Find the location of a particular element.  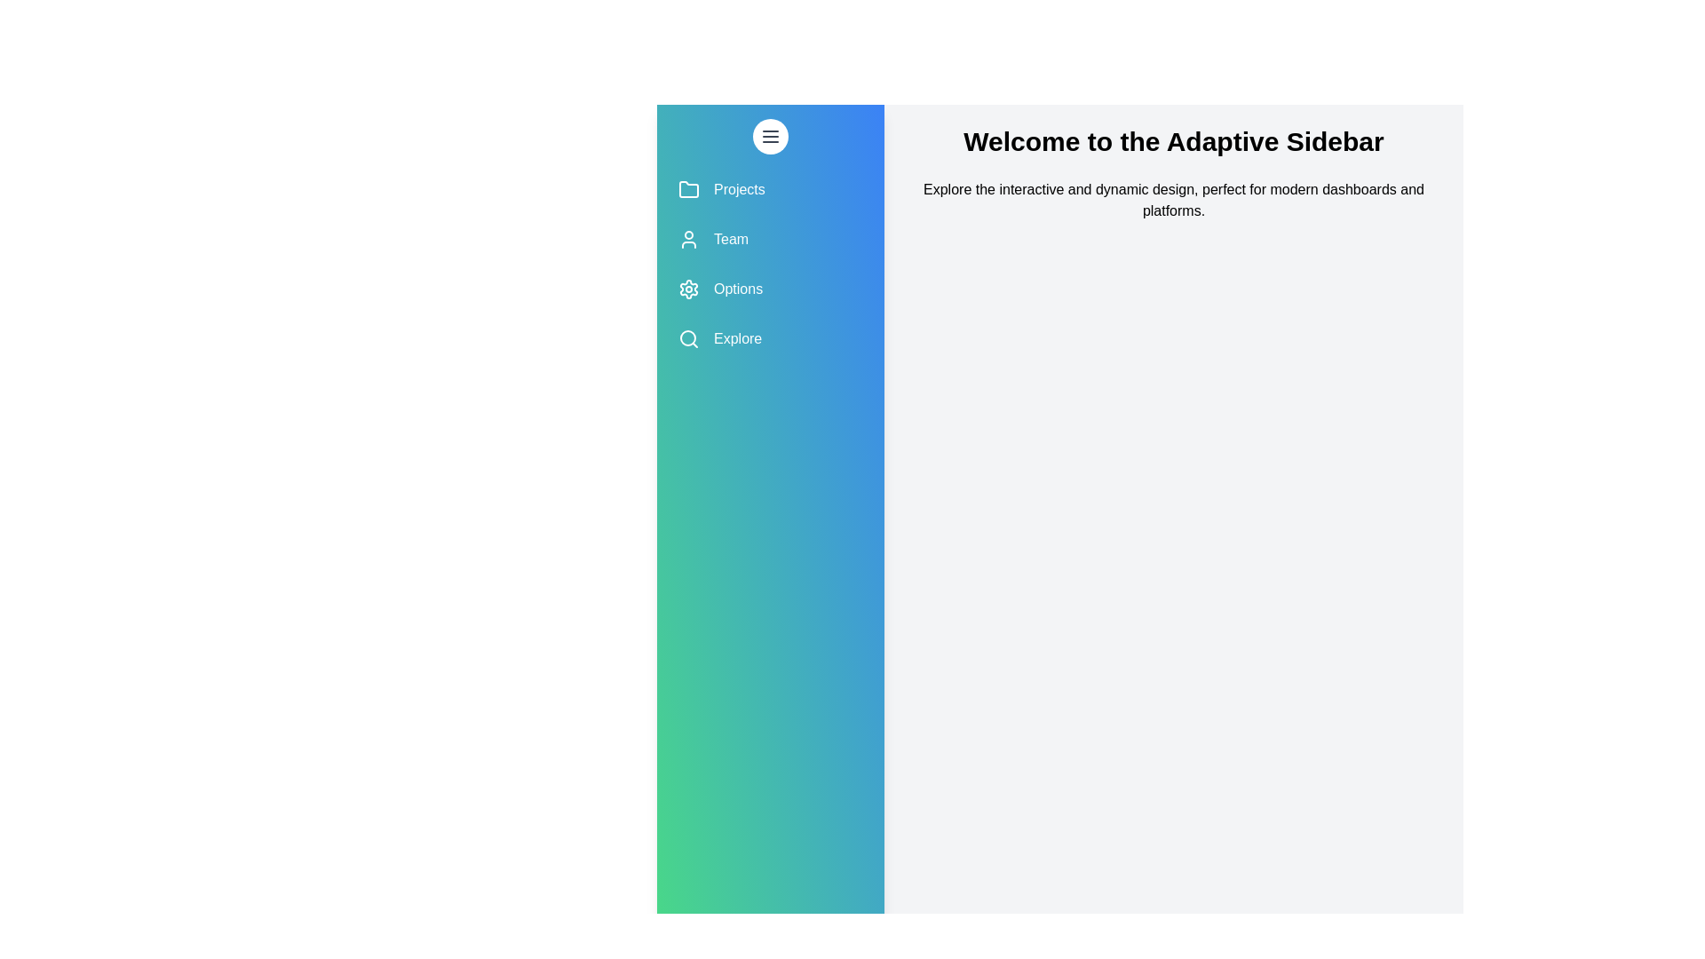

the menu item labeled Explore to navigate to its section is located at coordinates (771, 338).